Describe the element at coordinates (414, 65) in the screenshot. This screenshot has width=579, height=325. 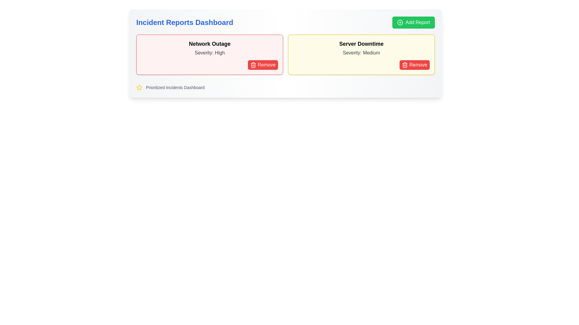
I see `the red 'Remove' button with a trash can icon, located at the bottom-right corner of the 'Server Downtime' card, to observe the hover effect` at that location.